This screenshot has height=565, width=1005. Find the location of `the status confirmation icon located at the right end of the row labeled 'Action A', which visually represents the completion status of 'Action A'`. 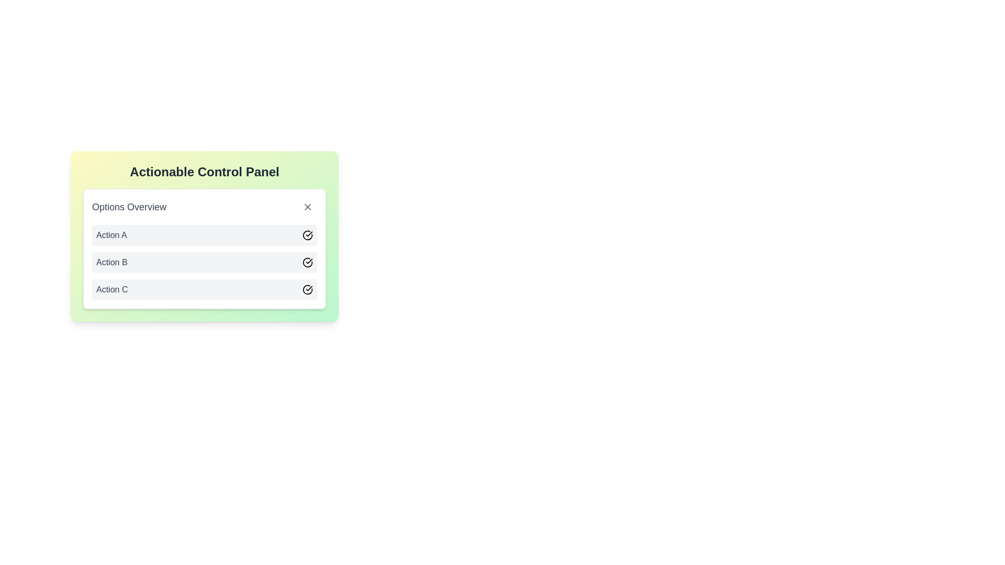

the status confirmation icon located at the right end of the row labeled 'Action A', which visually represents the completion status of 'Action A' is located at coordinates (307, 235).